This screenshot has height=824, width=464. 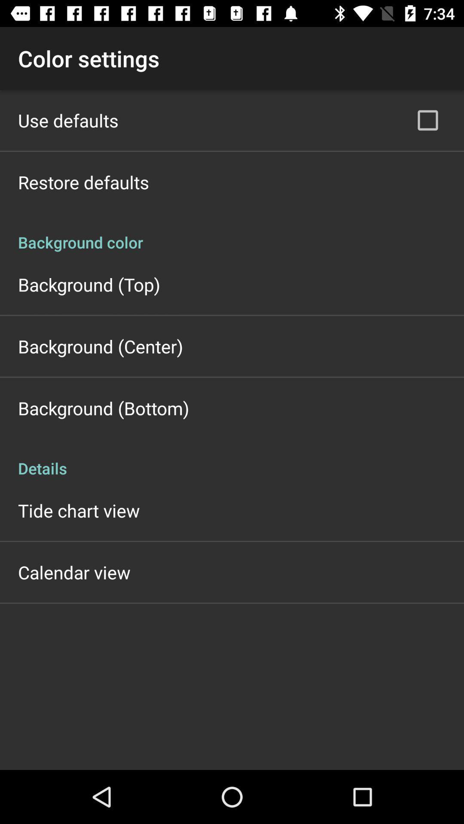 What do you see at coordinates (83, 182) in the screenshot?
I see `the item below the use defaults app` at bounding box center [83, 182].